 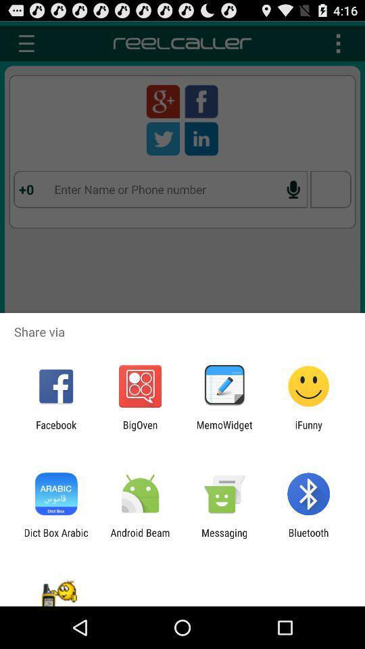 What do you see at coordinates (224, 430) in the screenshot?
I see `app next to bigoven item` at bounding box center [224, 430].